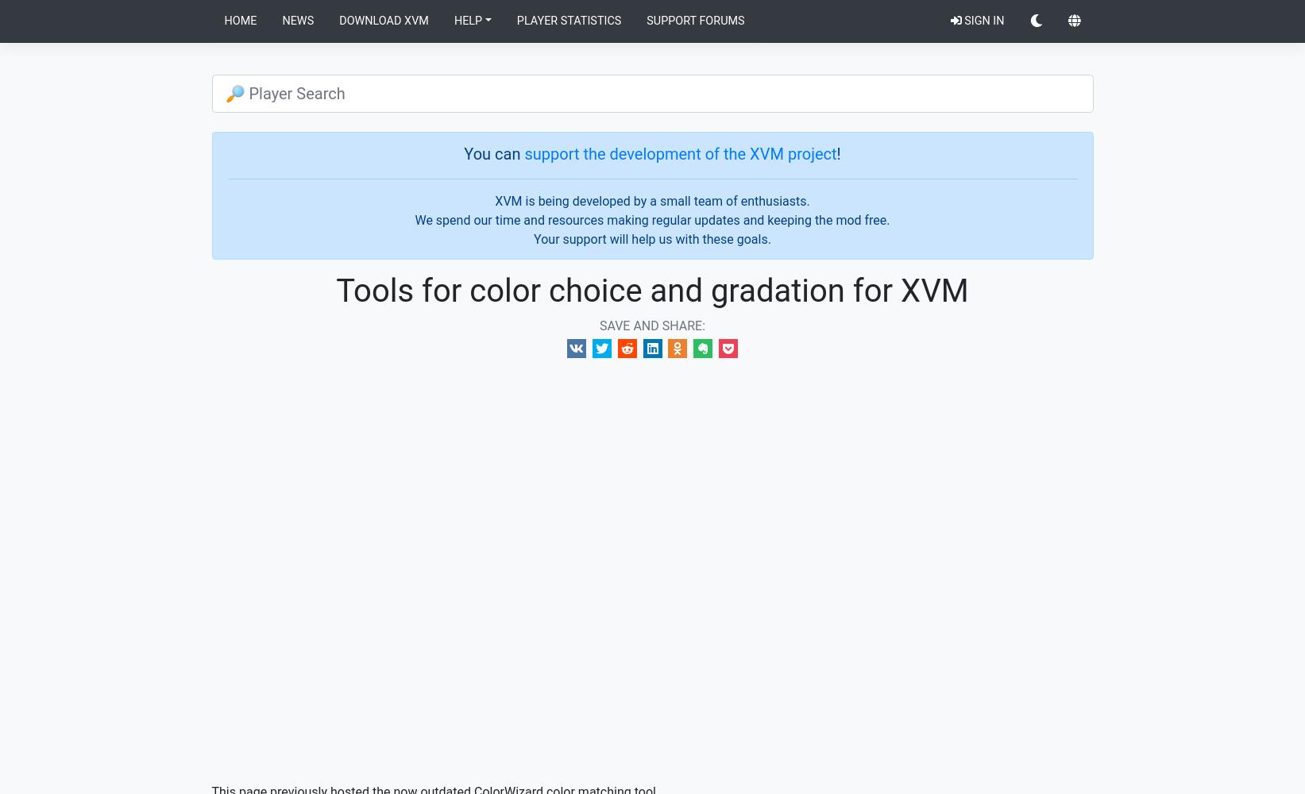  I want to click on 'You can', so click(494, 152).